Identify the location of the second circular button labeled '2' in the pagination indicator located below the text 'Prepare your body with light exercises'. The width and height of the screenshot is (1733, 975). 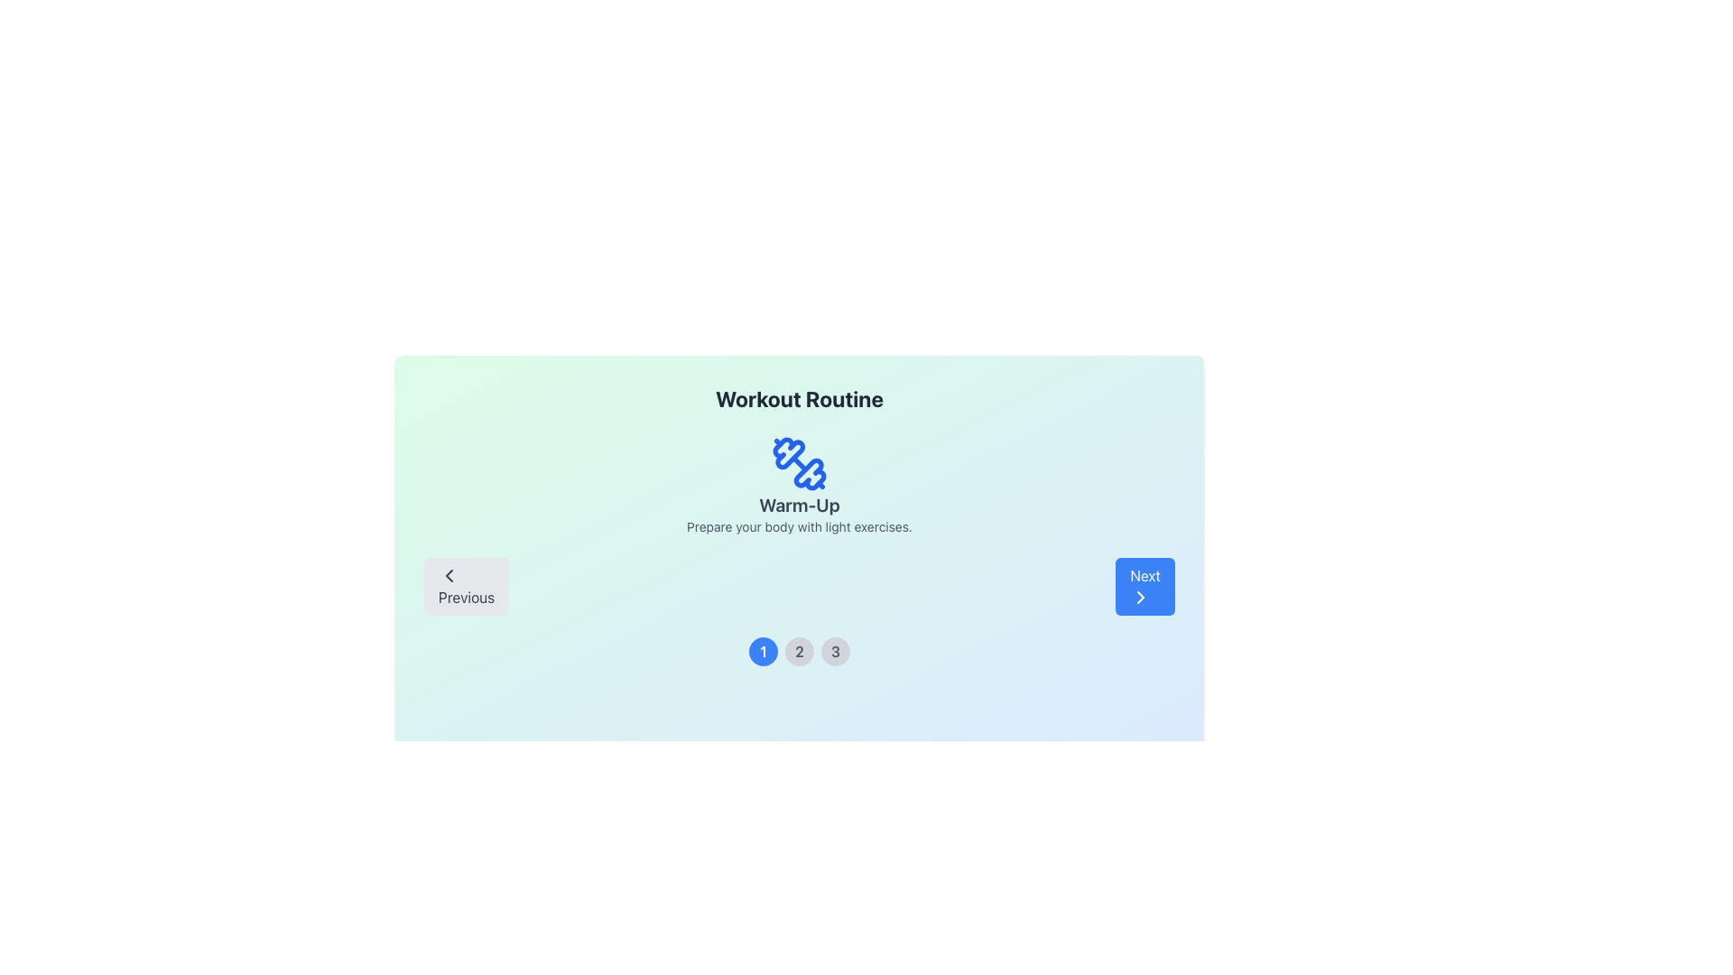
(799, 651).